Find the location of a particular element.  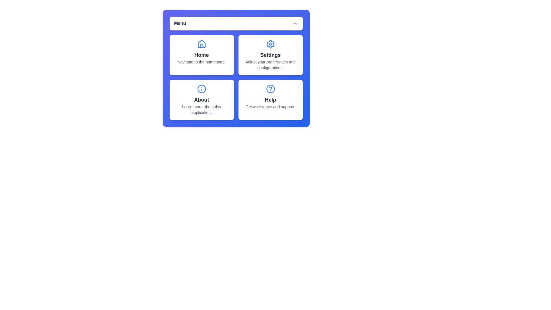

the menu item Home is located at coordinates (201, 55).